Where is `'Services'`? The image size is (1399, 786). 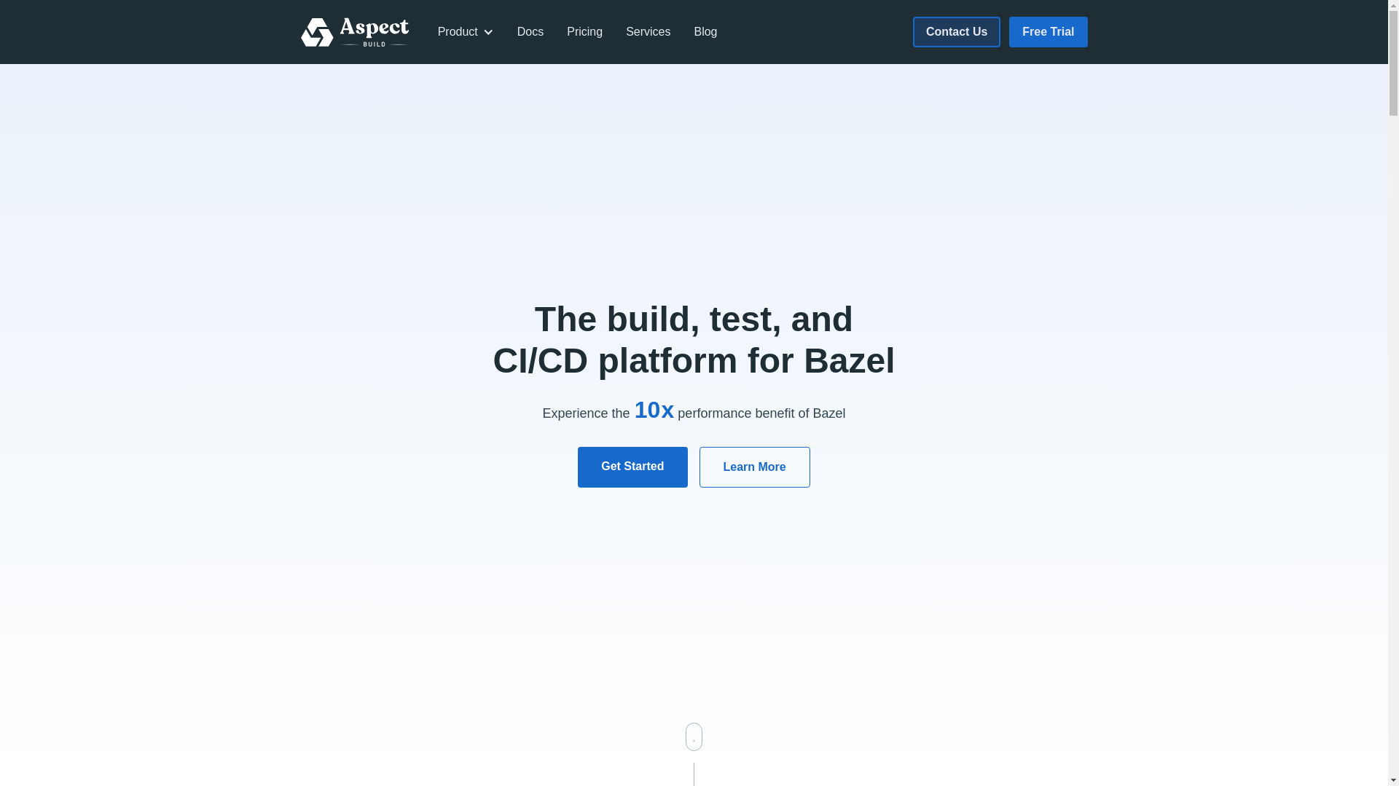
'Services' is located at coordinates (647, 31).